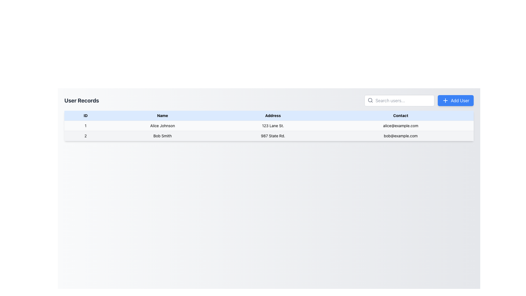  I want to click on the first table cell displaying the ID number '1', so click(85, 126).